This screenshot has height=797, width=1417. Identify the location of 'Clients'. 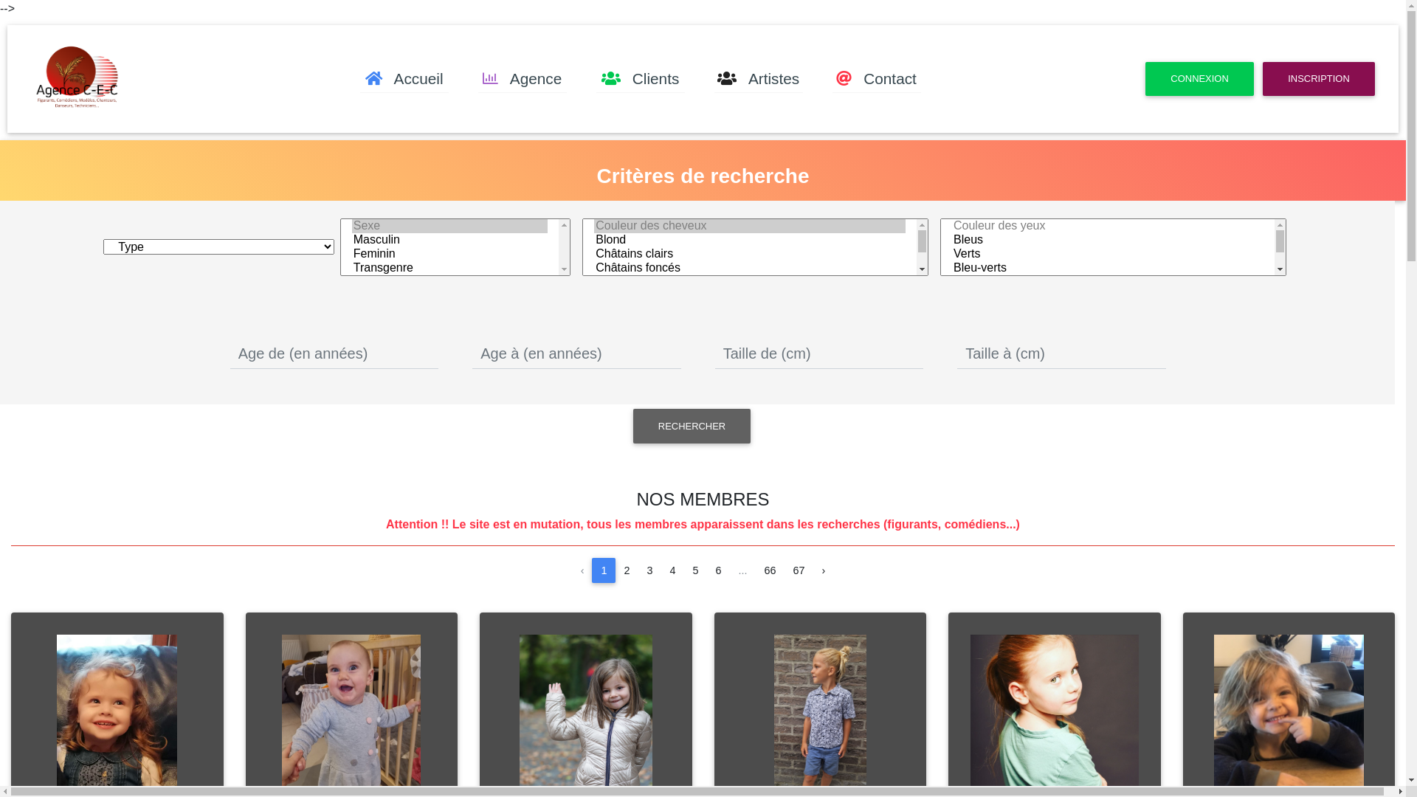
(596, 79).